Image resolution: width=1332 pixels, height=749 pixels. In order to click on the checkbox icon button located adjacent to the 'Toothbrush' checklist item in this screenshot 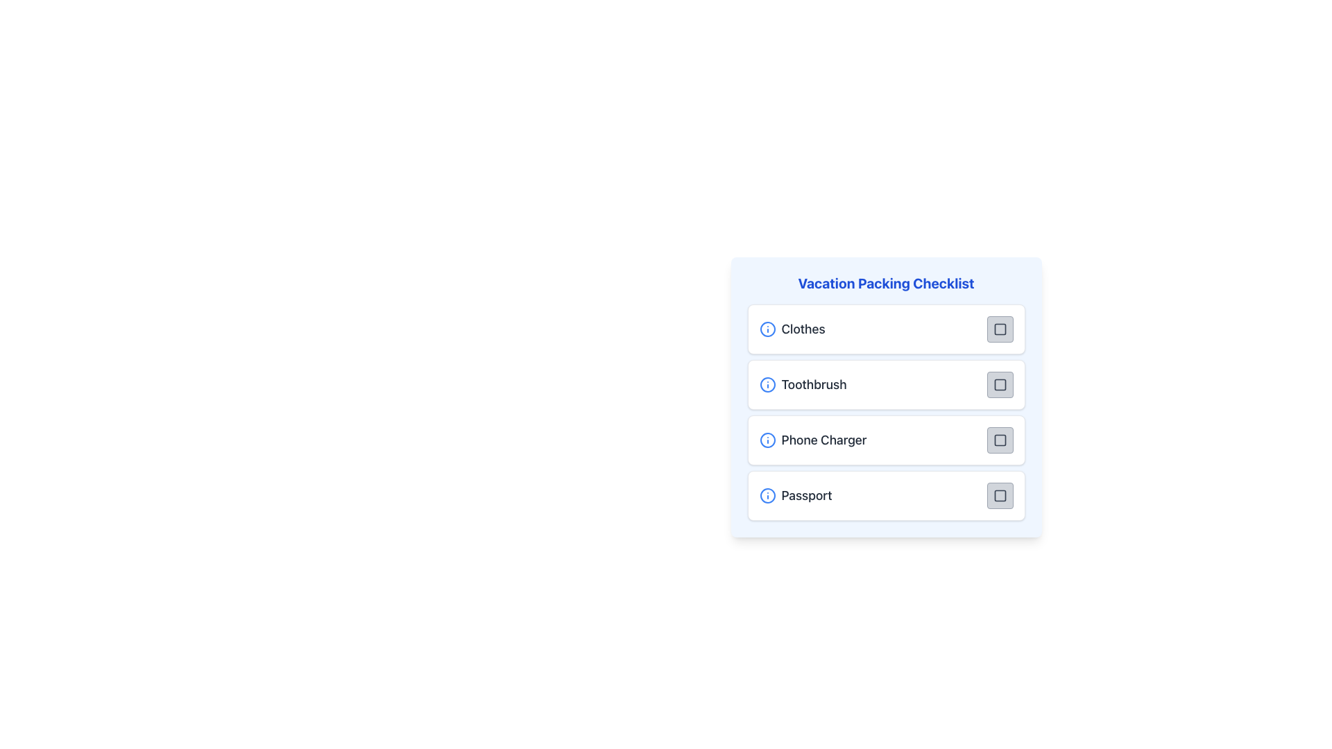, I will do `click(1000, 385)`.